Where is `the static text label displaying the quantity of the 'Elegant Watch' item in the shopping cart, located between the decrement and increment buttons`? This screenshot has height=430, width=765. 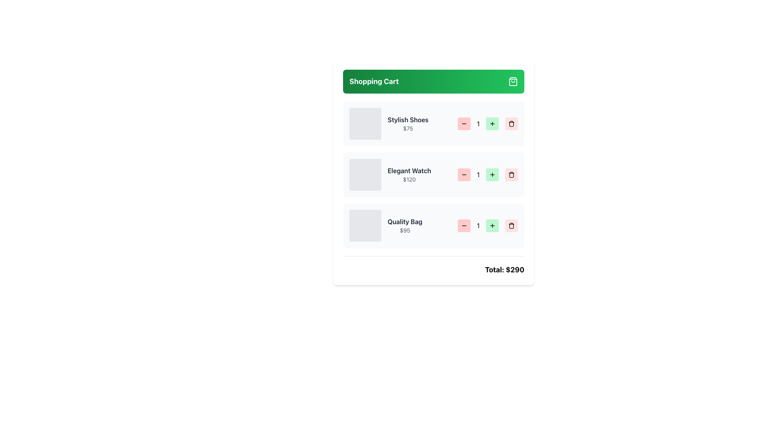
the static text label displaying the quantity of the 'Elegant Watch' item in the shopping cart, located between the decrement and increment buttons is located at coordinates (478, 174).